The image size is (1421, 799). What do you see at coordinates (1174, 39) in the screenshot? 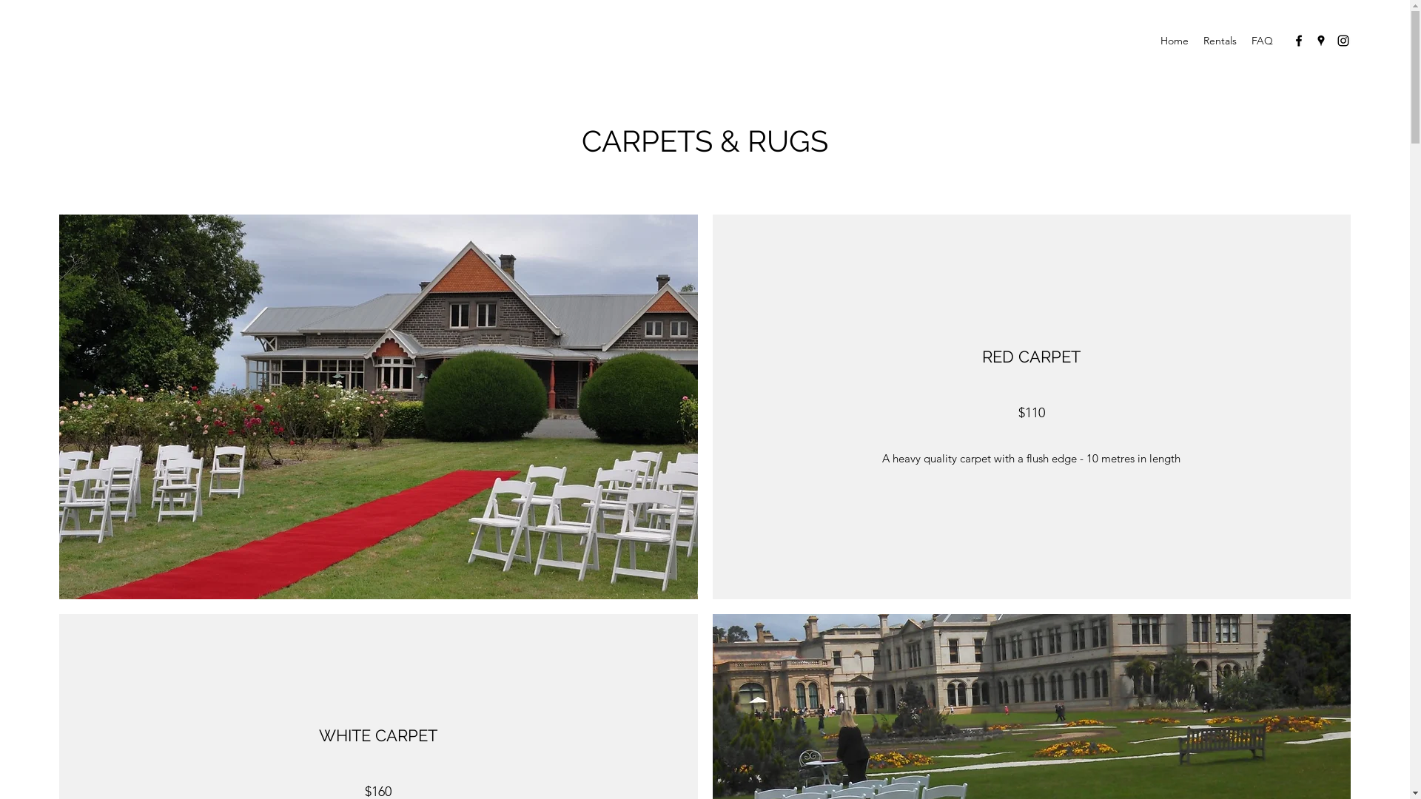
I see `'Home'` at bounding box center [1174, 39].